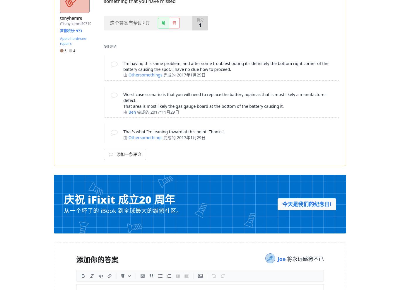 This screenshot has width=400, height=290. What do you see at coordinates (282, 259) in the screenshot?
I see `'Joe'` at bounding box center [282, 259].